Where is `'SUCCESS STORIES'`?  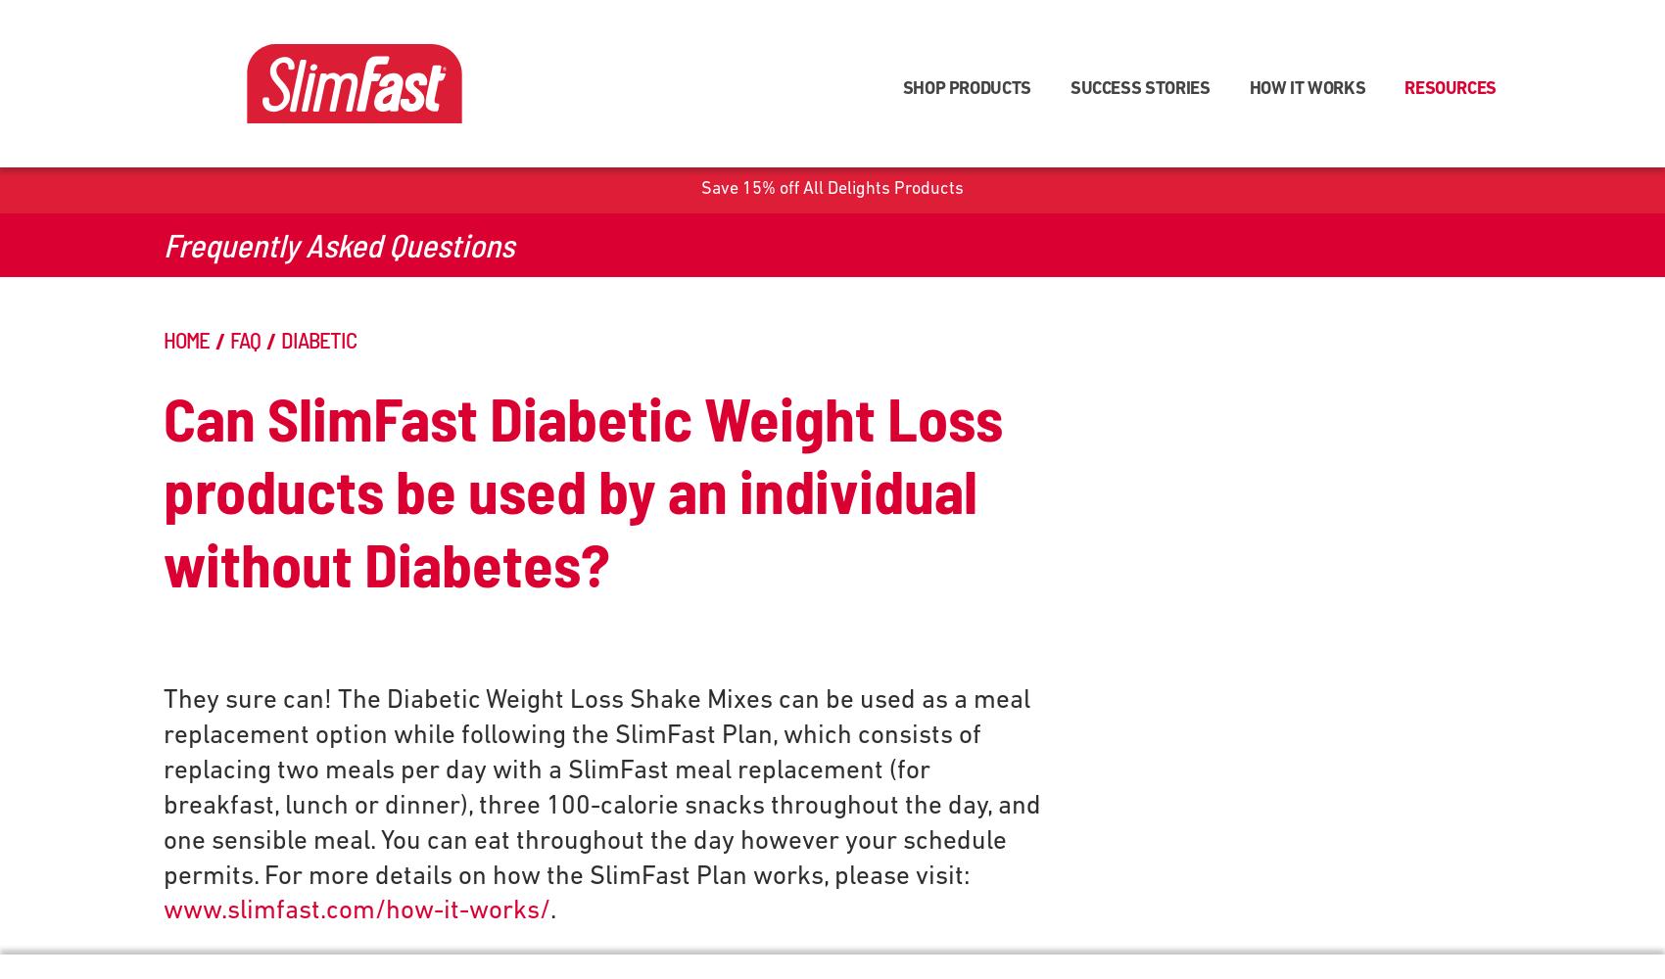 'SUCCESS STORIES' is located at coordinates (1139, 88).